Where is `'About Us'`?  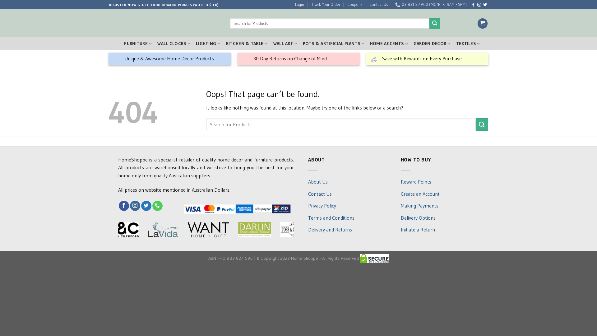 'About Us' is located at coordinates (318, 182).